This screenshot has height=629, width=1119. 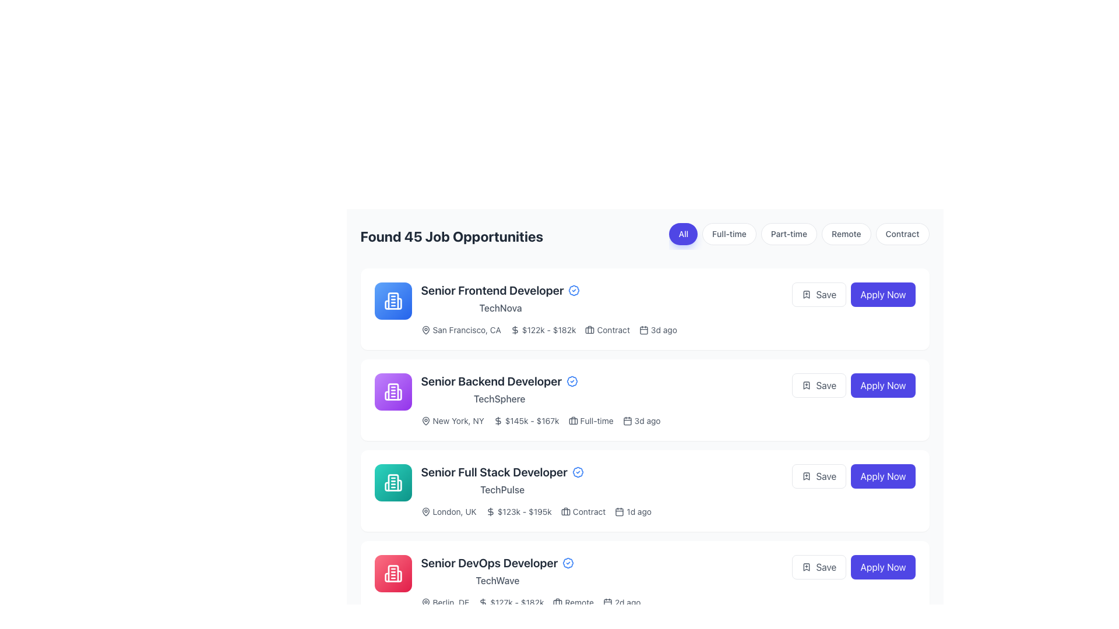 I want to click on the icon depicting a simplified building silhouette, which is located under the 'Senior DevOps Developer' section in the fourth job listing with a rose-pink to rose-red gradient background, so click(x=393, y=573).